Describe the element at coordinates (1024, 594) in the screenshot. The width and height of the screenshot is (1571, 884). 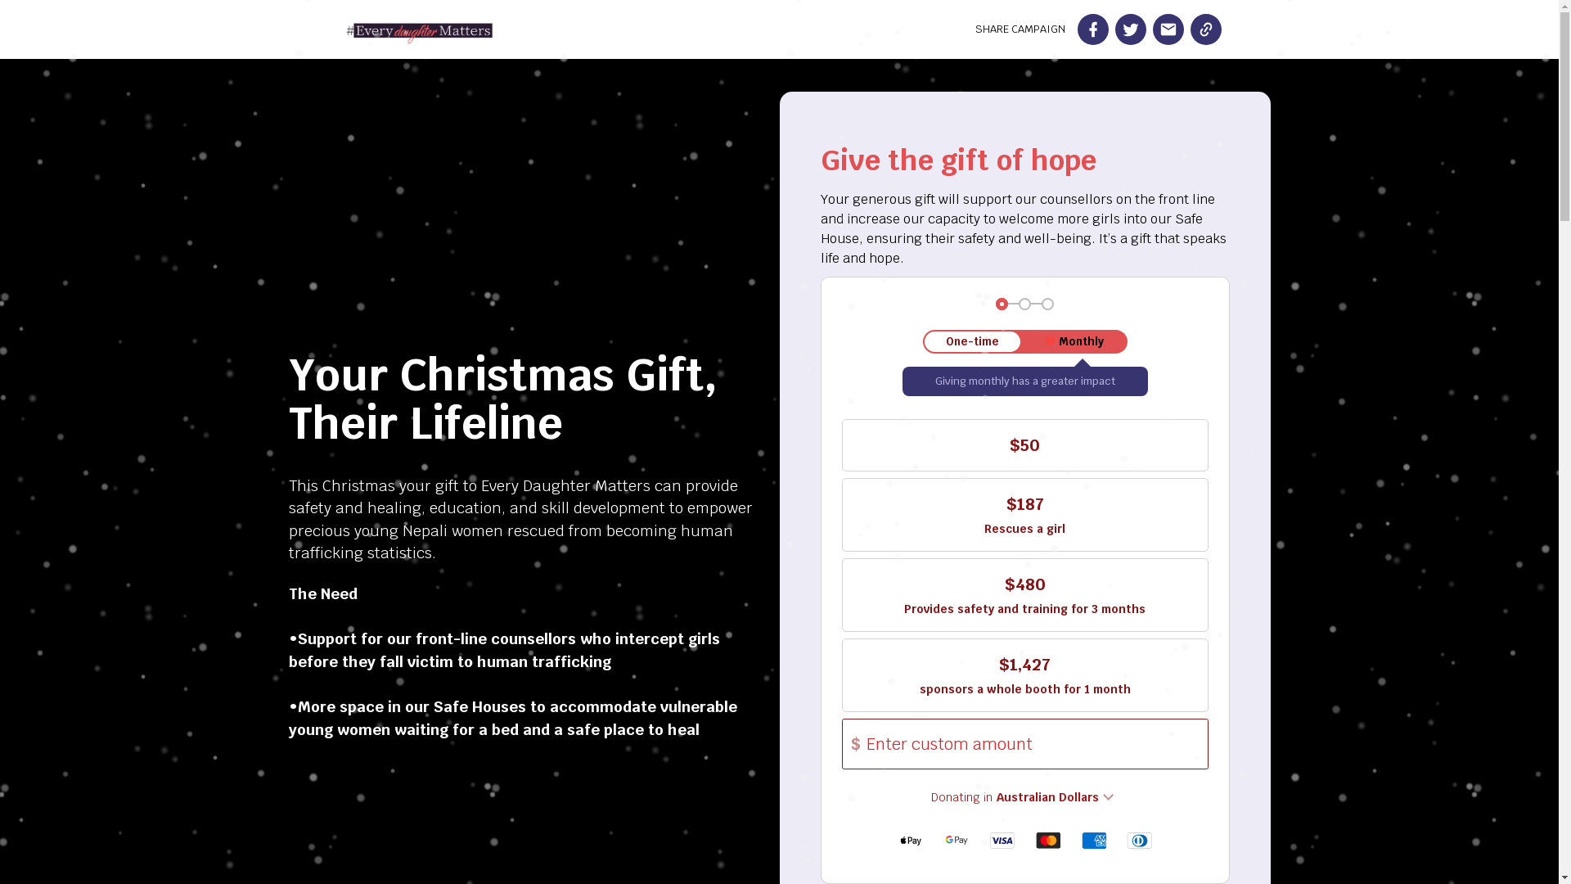
I see `'$480` at that location.